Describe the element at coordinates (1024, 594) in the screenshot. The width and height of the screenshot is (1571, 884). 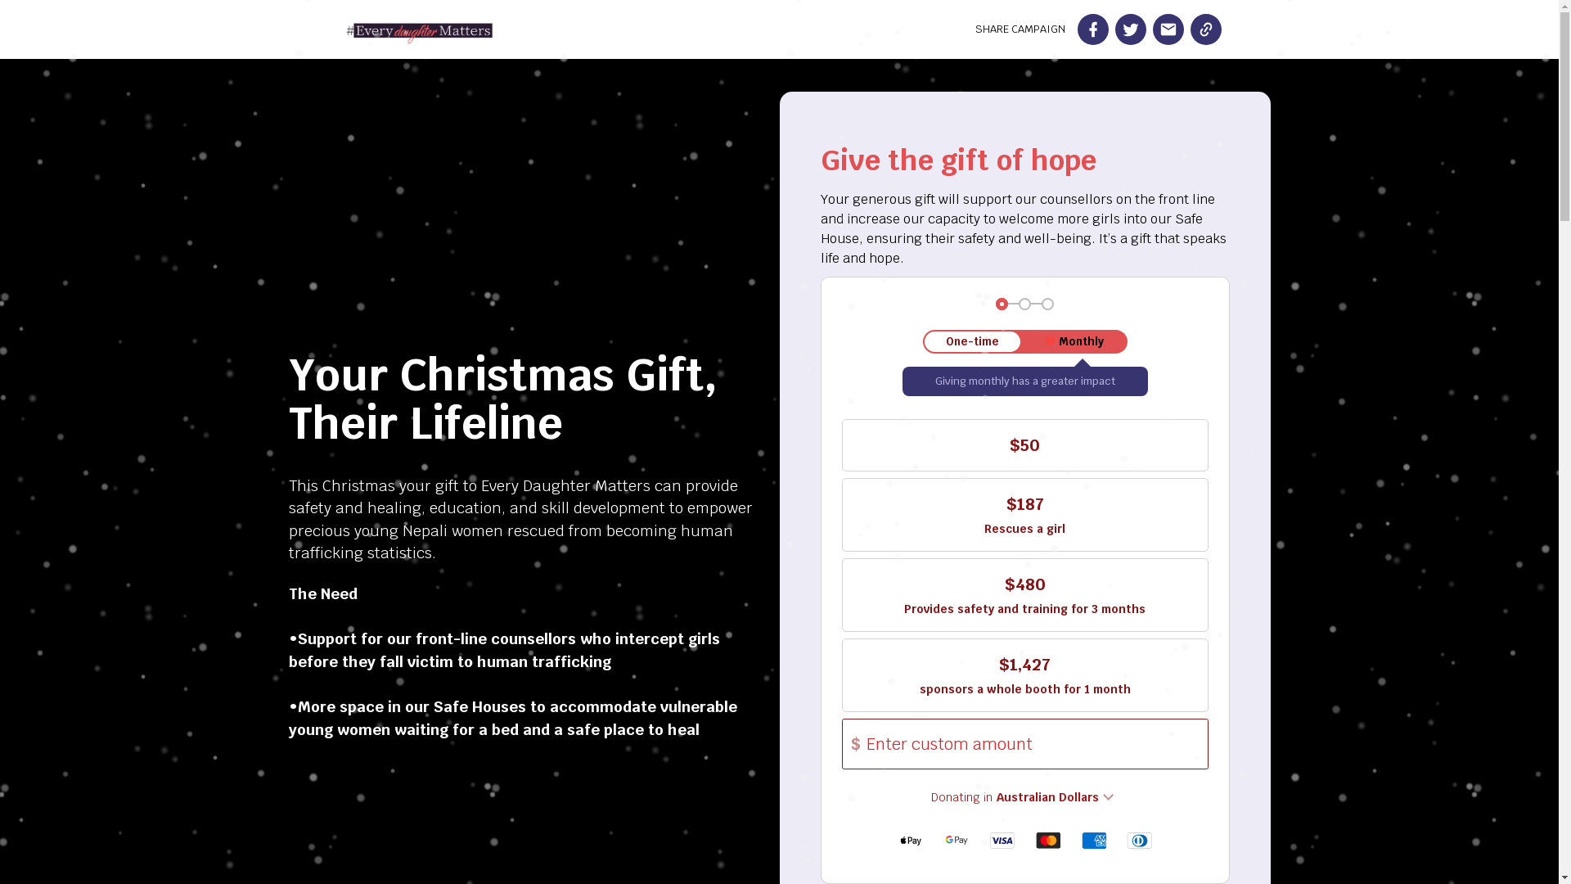
I see `'$480` at that location.